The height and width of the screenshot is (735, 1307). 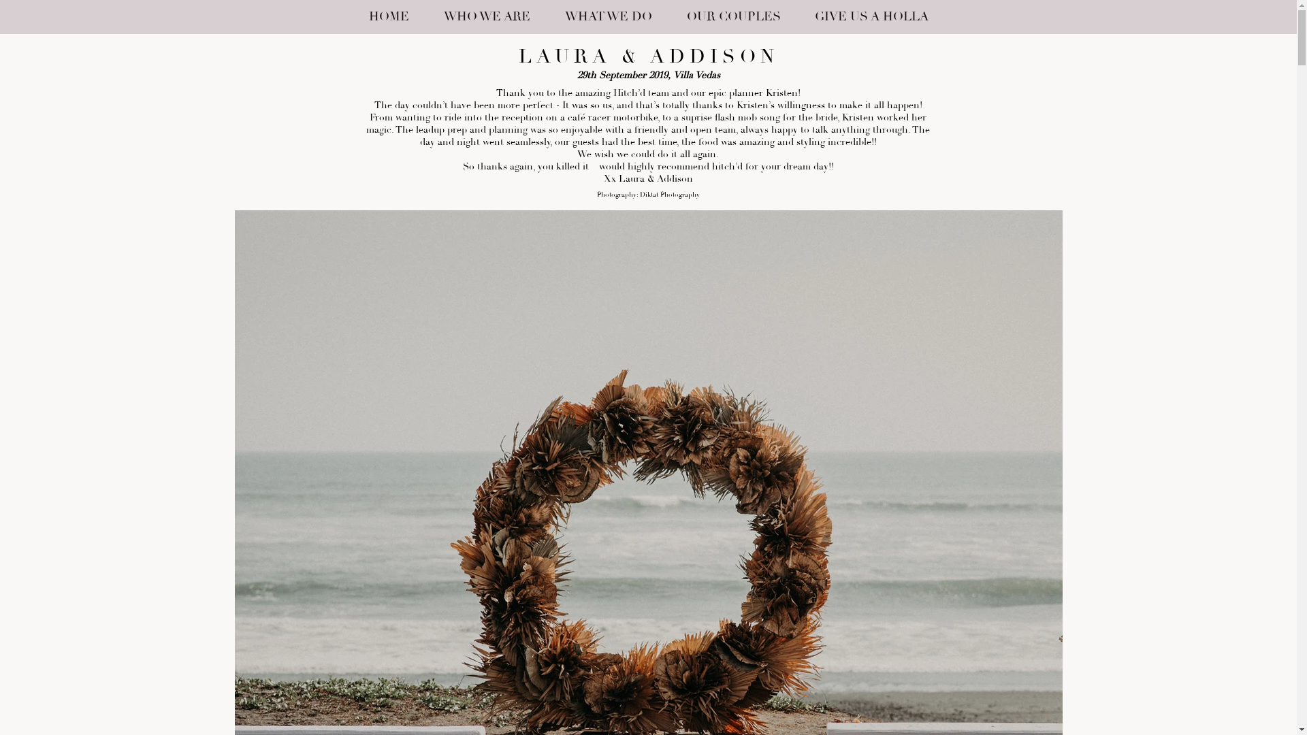 What do you see at coordinates (425, 16) in the screenshot?
I see `'WHO WE ARE'` at bounding box center [425, 16].